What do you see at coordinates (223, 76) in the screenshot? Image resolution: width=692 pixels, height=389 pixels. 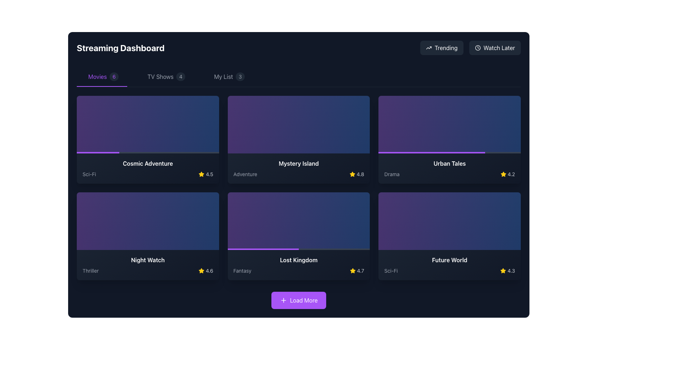 I see `the text label indicating the user's personalized media list located in the top navigation bar, positioned as the third item after 'Movies' and 'TV Shows'` at bounding box center [223, 76].